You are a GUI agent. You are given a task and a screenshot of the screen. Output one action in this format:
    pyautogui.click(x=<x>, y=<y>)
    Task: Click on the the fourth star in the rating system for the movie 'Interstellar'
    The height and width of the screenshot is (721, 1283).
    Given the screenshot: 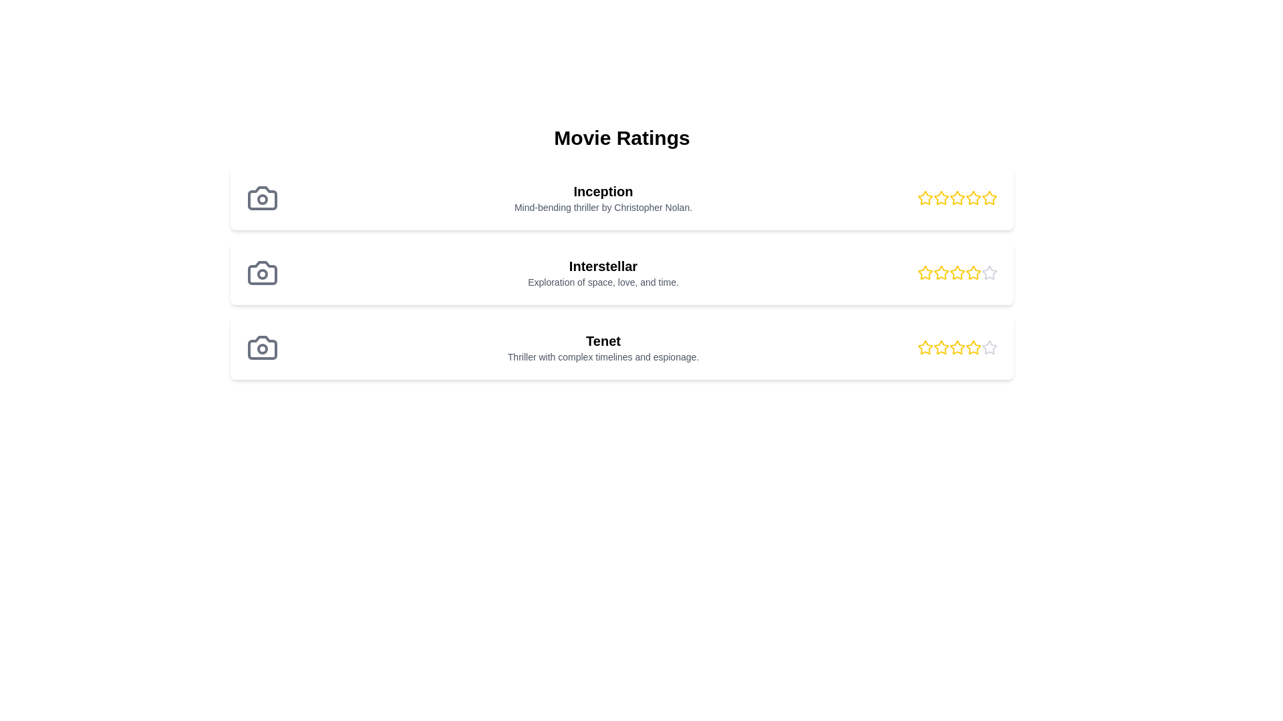 What is the action you would take?
    pyautogui.click(x=957, y=272)
    